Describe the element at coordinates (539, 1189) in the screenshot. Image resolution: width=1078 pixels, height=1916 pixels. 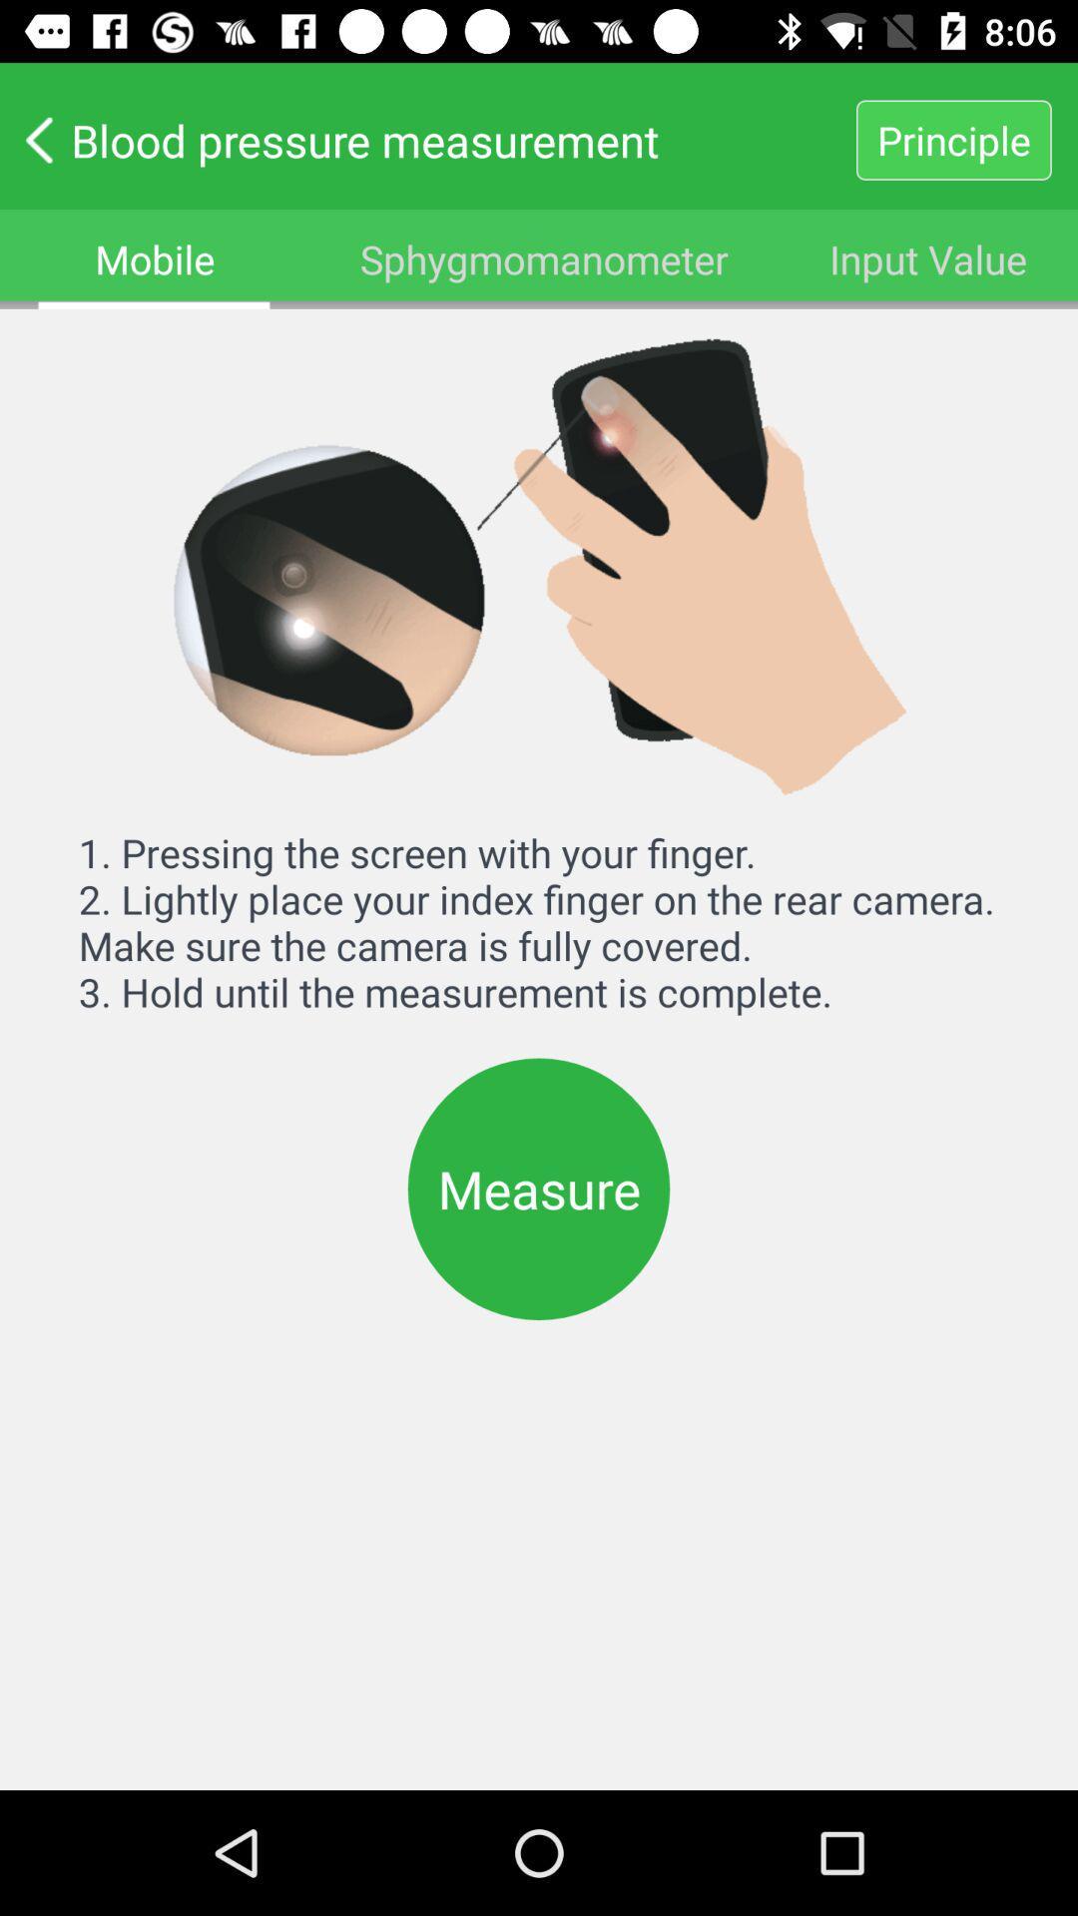
I see `icon below the 1 pressing the item` at that location.